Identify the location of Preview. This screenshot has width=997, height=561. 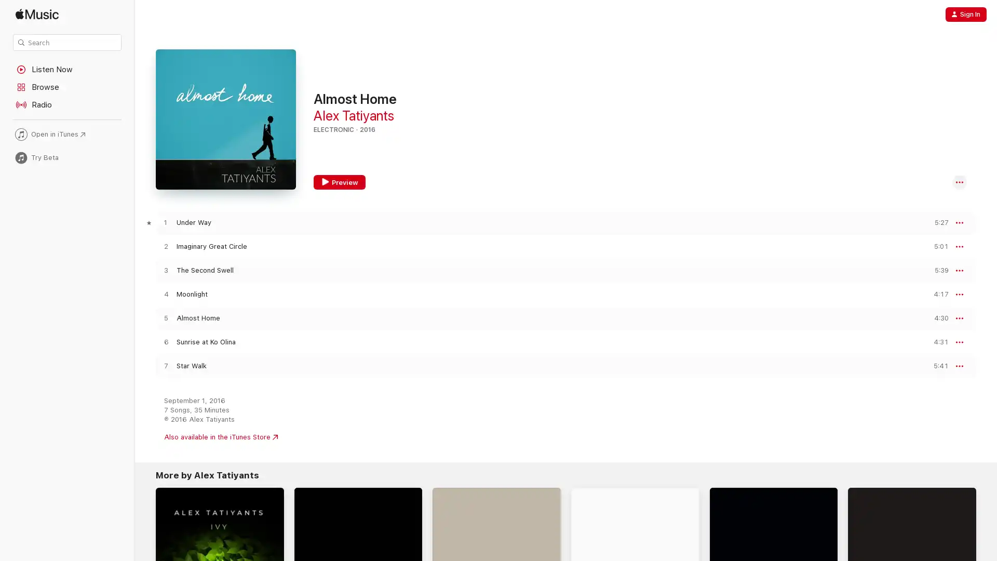
(937, 342).